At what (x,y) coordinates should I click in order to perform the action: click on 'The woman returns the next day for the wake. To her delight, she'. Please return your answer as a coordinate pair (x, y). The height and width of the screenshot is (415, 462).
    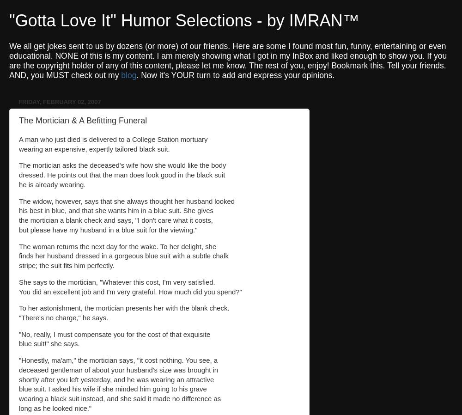
    Looking at the image, I should click on (19, 245).